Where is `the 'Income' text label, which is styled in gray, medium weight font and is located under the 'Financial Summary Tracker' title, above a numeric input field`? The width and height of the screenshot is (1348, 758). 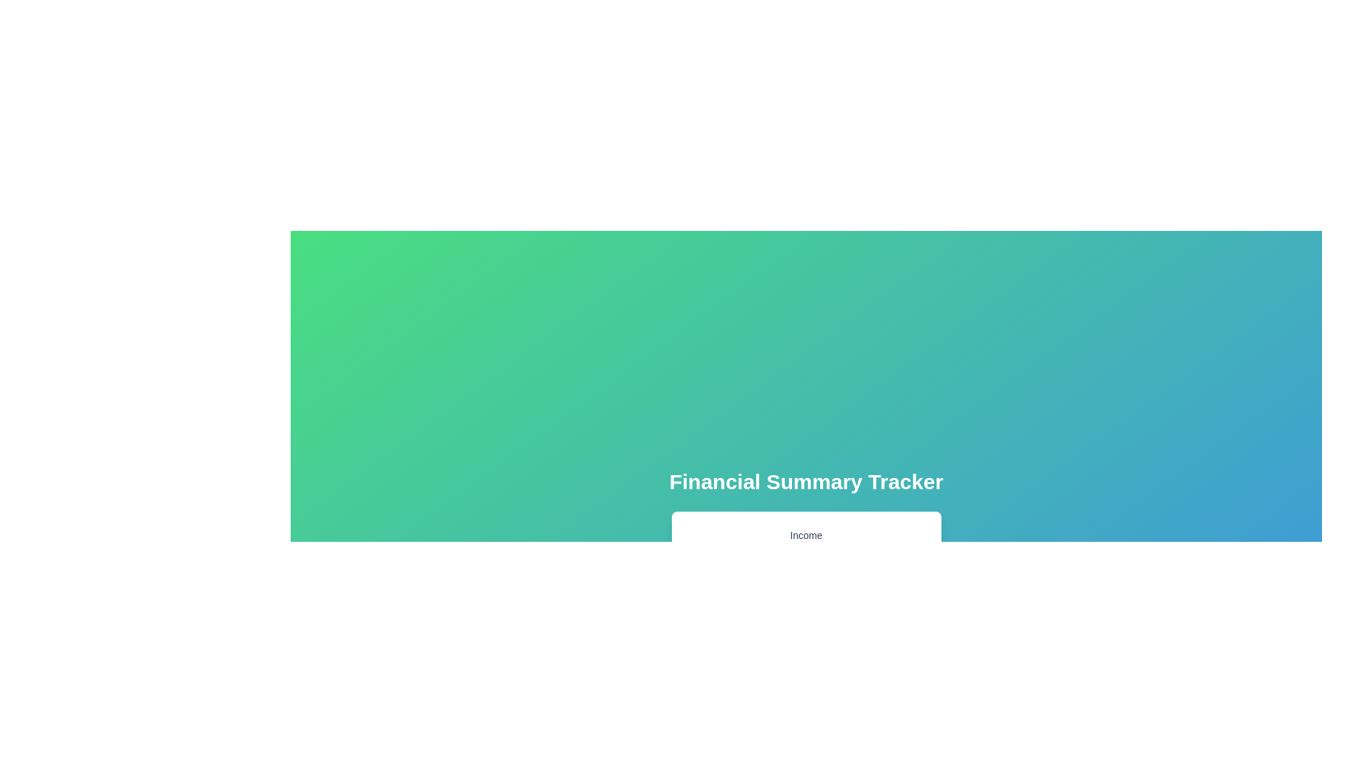
the 'Income' text label, which is styled in gray, medium weight font and is located under the 'Financial Summary Tracker' title, above a numeric input field is located at coordinates (806, 536).